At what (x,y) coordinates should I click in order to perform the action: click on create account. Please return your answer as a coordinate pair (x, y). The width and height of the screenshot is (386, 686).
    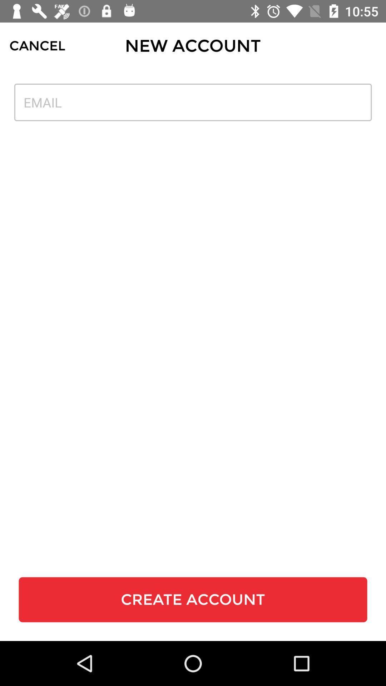
    Looking at the image, I should click on (193, 600).